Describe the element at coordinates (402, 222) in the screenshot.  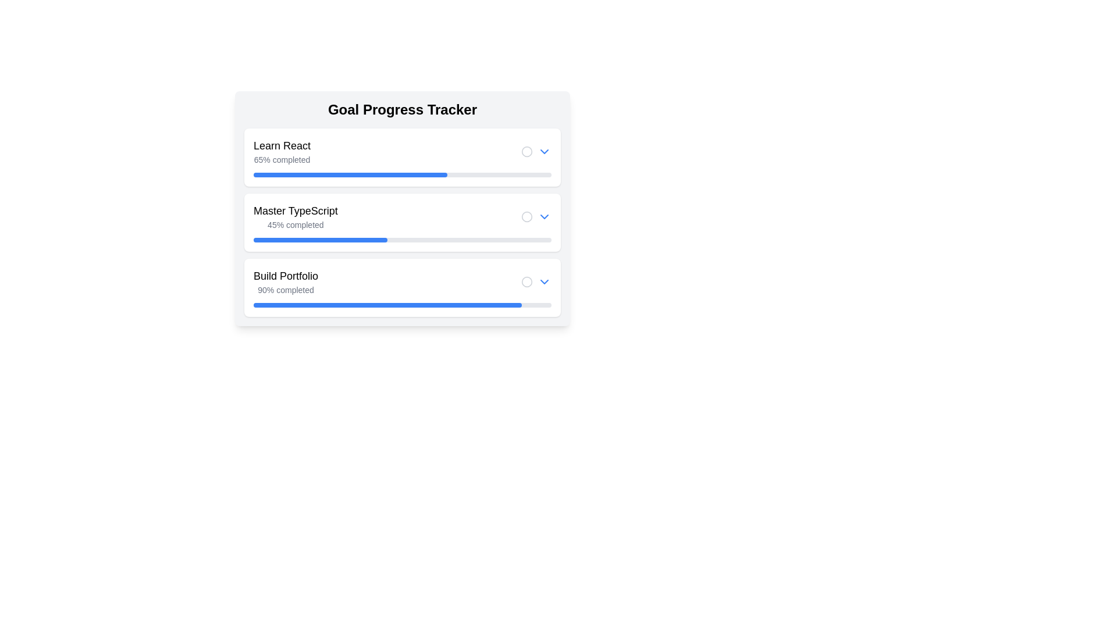
I see `the Progress tracking component, which consists of three vertically stacked cards showing progress for learning tasks` at that location.